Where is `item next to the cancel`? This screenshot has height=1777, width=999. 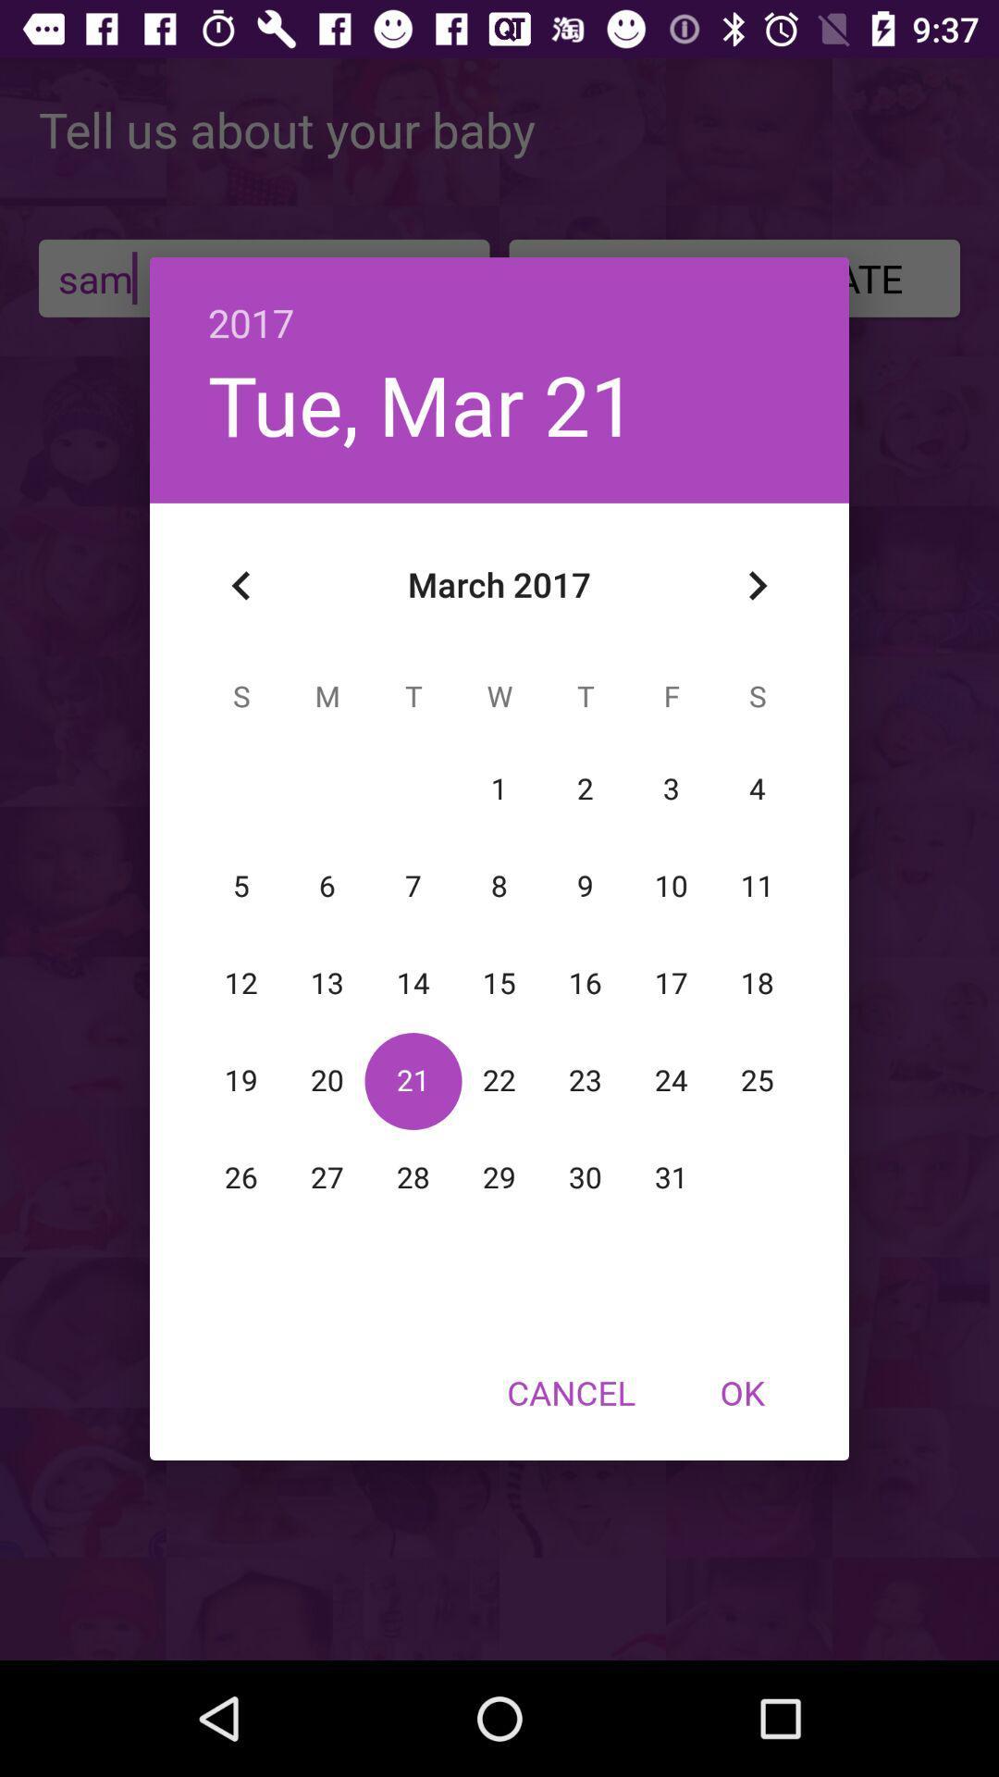
item next to the cancel is located at coordinates (741, 1392).